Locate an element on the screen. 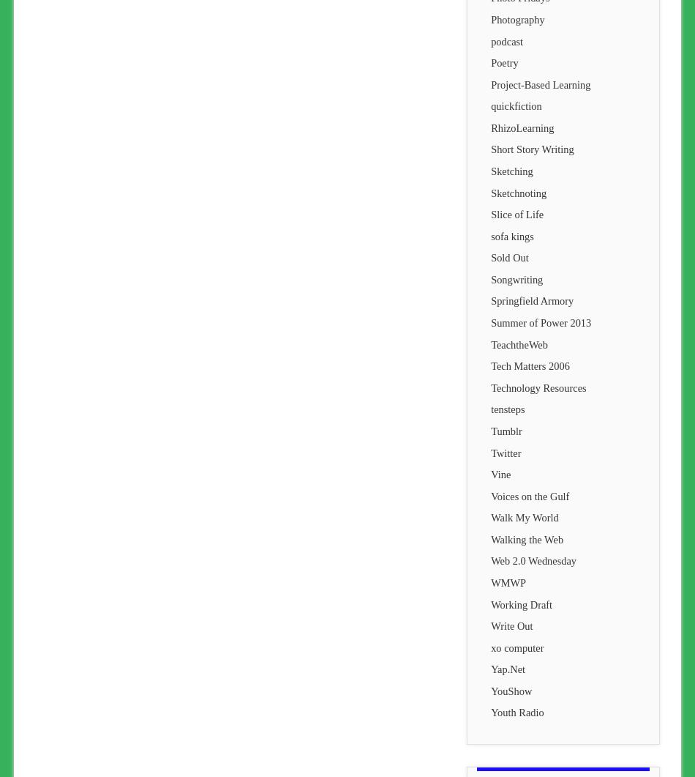  'Songwriting' is located at coordinates (516, 279).